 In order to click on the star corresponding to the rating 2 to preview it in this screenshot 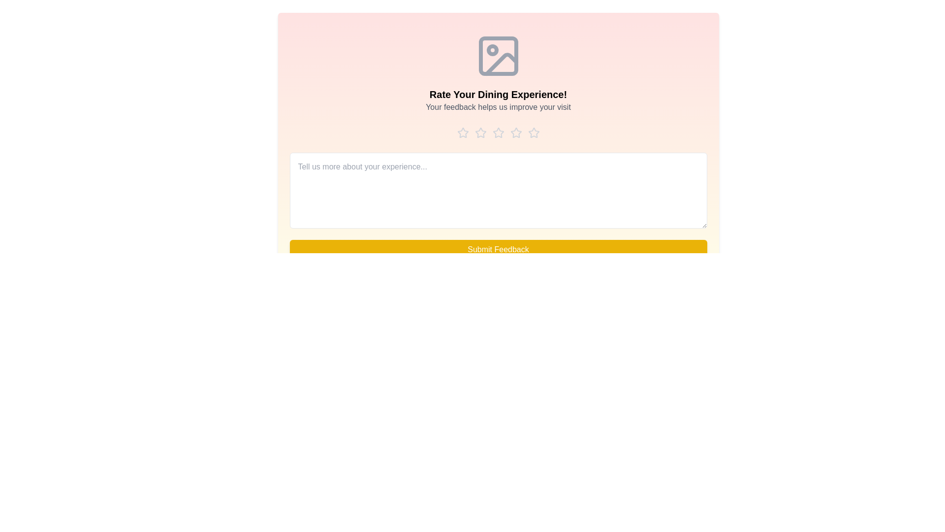, I will do `click(480, 133)`.